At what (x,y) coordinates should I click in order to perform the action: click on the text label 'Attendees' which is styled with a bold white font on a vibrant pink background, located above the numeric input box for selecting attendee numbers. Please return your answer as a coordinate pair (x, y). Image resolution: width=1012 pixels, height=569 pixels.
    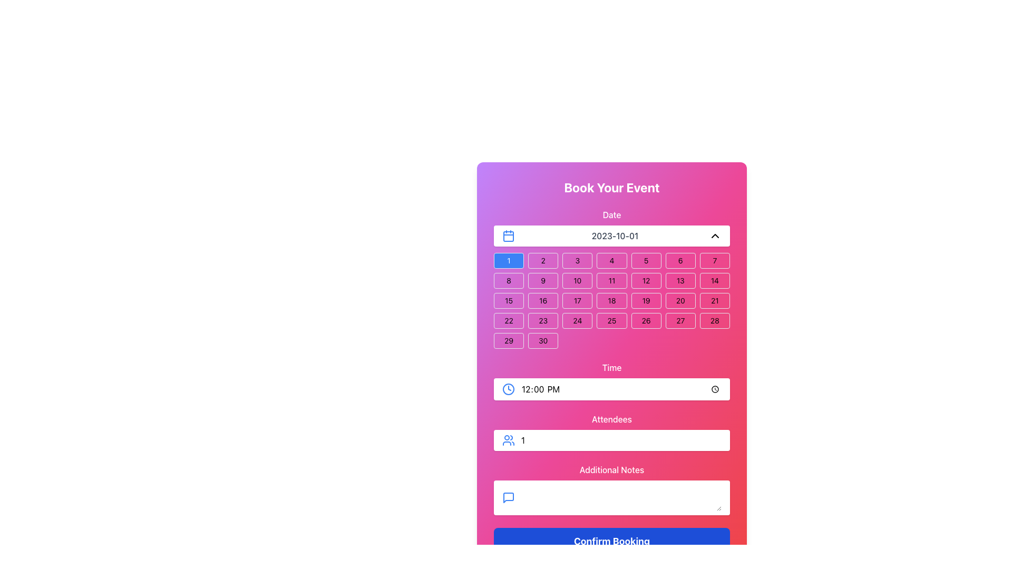
    Looking at the image, I should click on (612, 418).